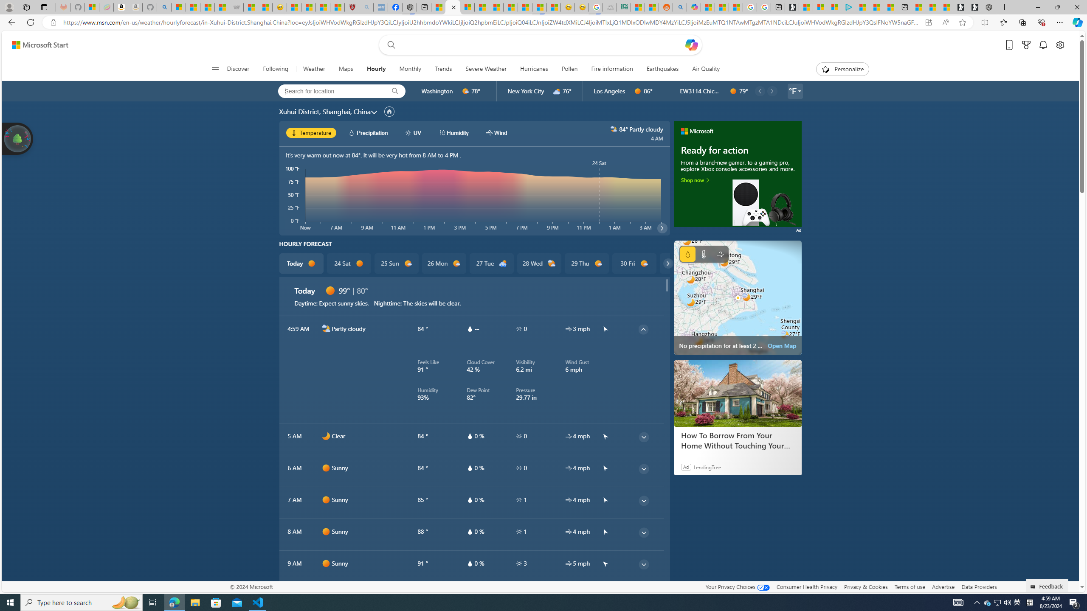  I want to click on 'Earthquakes', so click(663, 69).